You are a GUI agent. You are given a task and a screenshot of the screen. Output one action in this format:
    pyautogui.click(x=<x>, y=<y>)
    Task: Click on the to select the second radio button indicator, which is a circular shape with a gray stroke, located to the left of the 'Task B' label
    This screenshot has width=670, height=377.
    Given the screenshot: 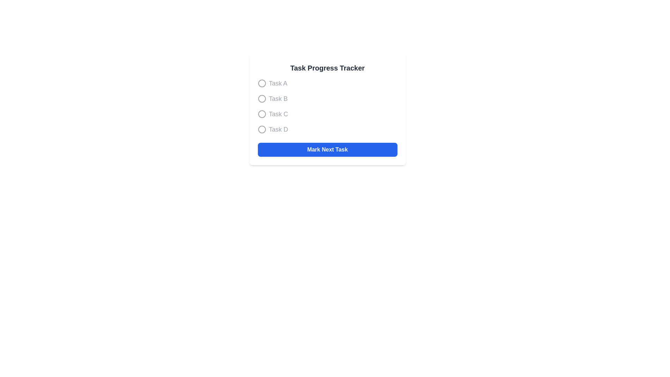 What is the action you would take?
    pyautogui.click(x=261, y=98)
    